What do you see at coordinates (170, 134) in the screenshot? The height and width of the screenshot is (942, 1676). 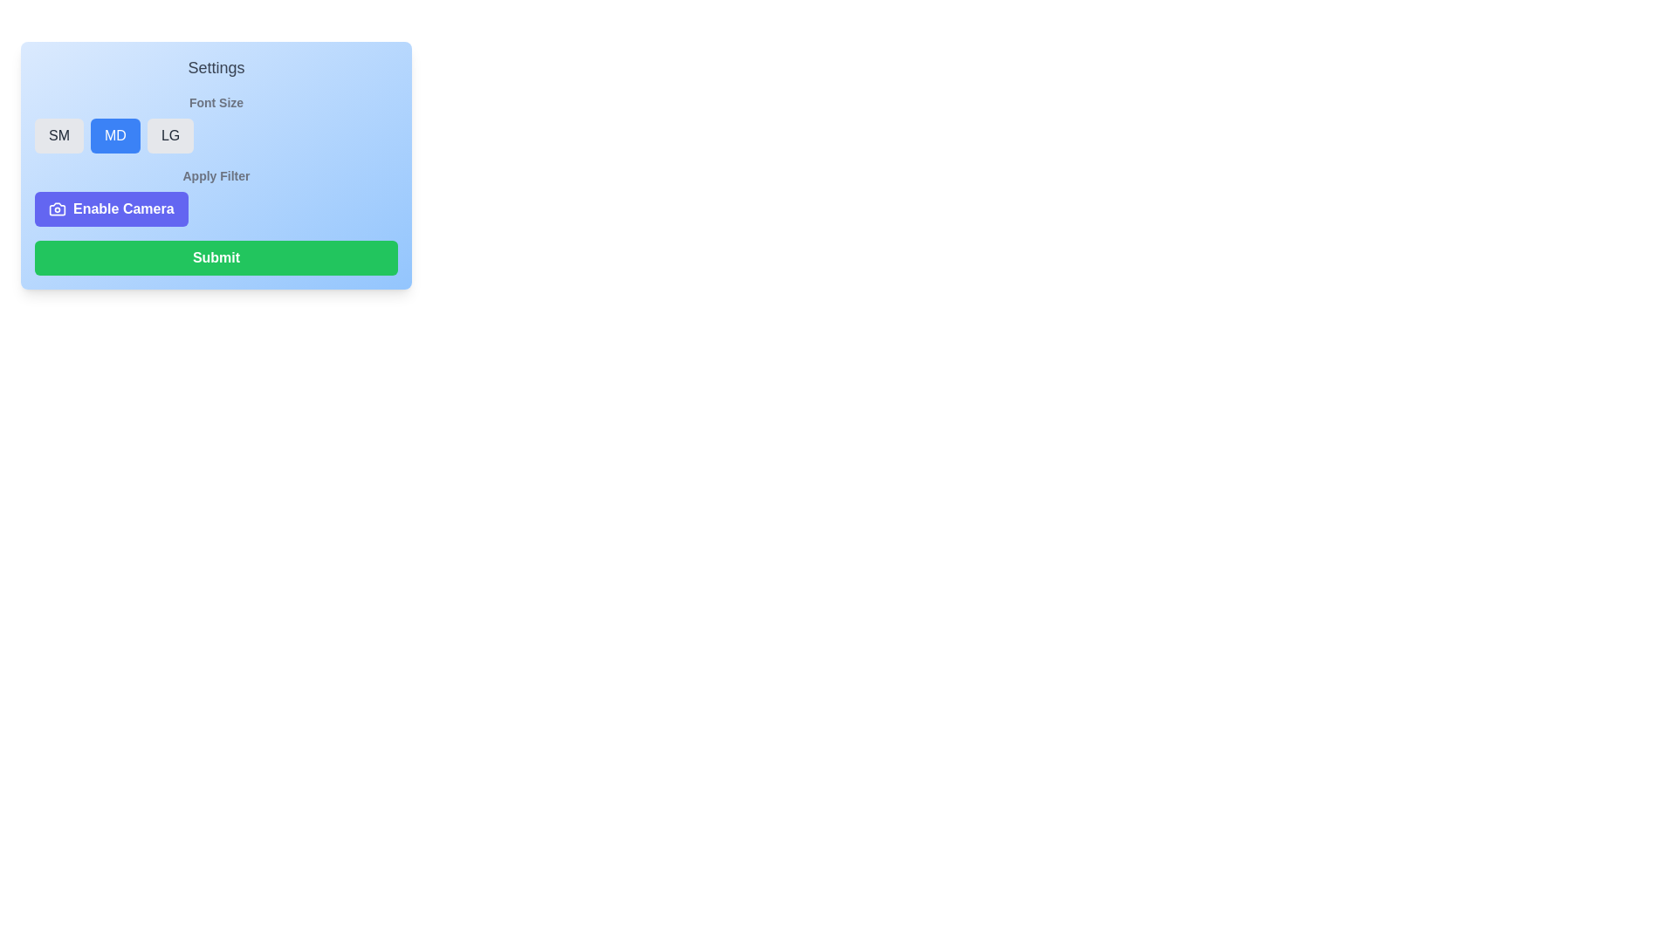 I see `the rectangular button labeled 'LG' with a gray background and dark gray text` at bounding box center [170, 134].